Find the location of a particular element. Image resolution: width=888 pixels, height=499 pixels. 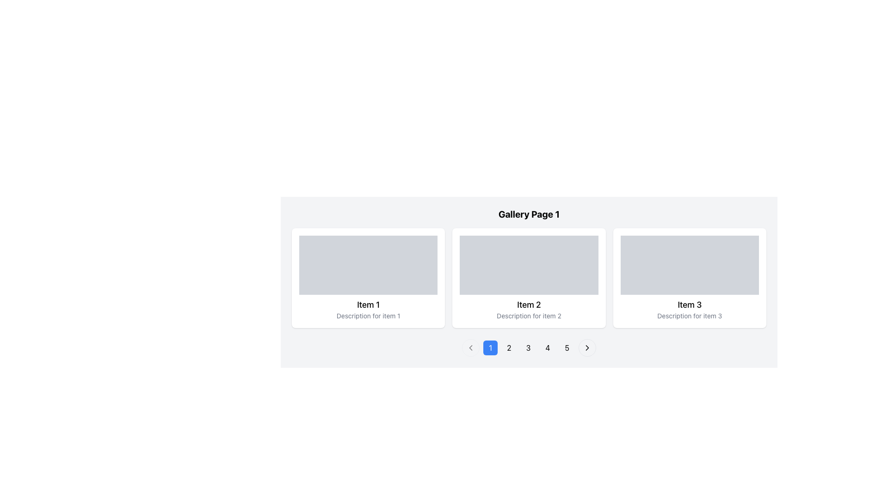

the text label displaying 'Item 1' which is styled in a modern sans-serif font and located in the central lower portion of its card layout, above the description text and below an image placeholder is located at coordinates (368, 304).